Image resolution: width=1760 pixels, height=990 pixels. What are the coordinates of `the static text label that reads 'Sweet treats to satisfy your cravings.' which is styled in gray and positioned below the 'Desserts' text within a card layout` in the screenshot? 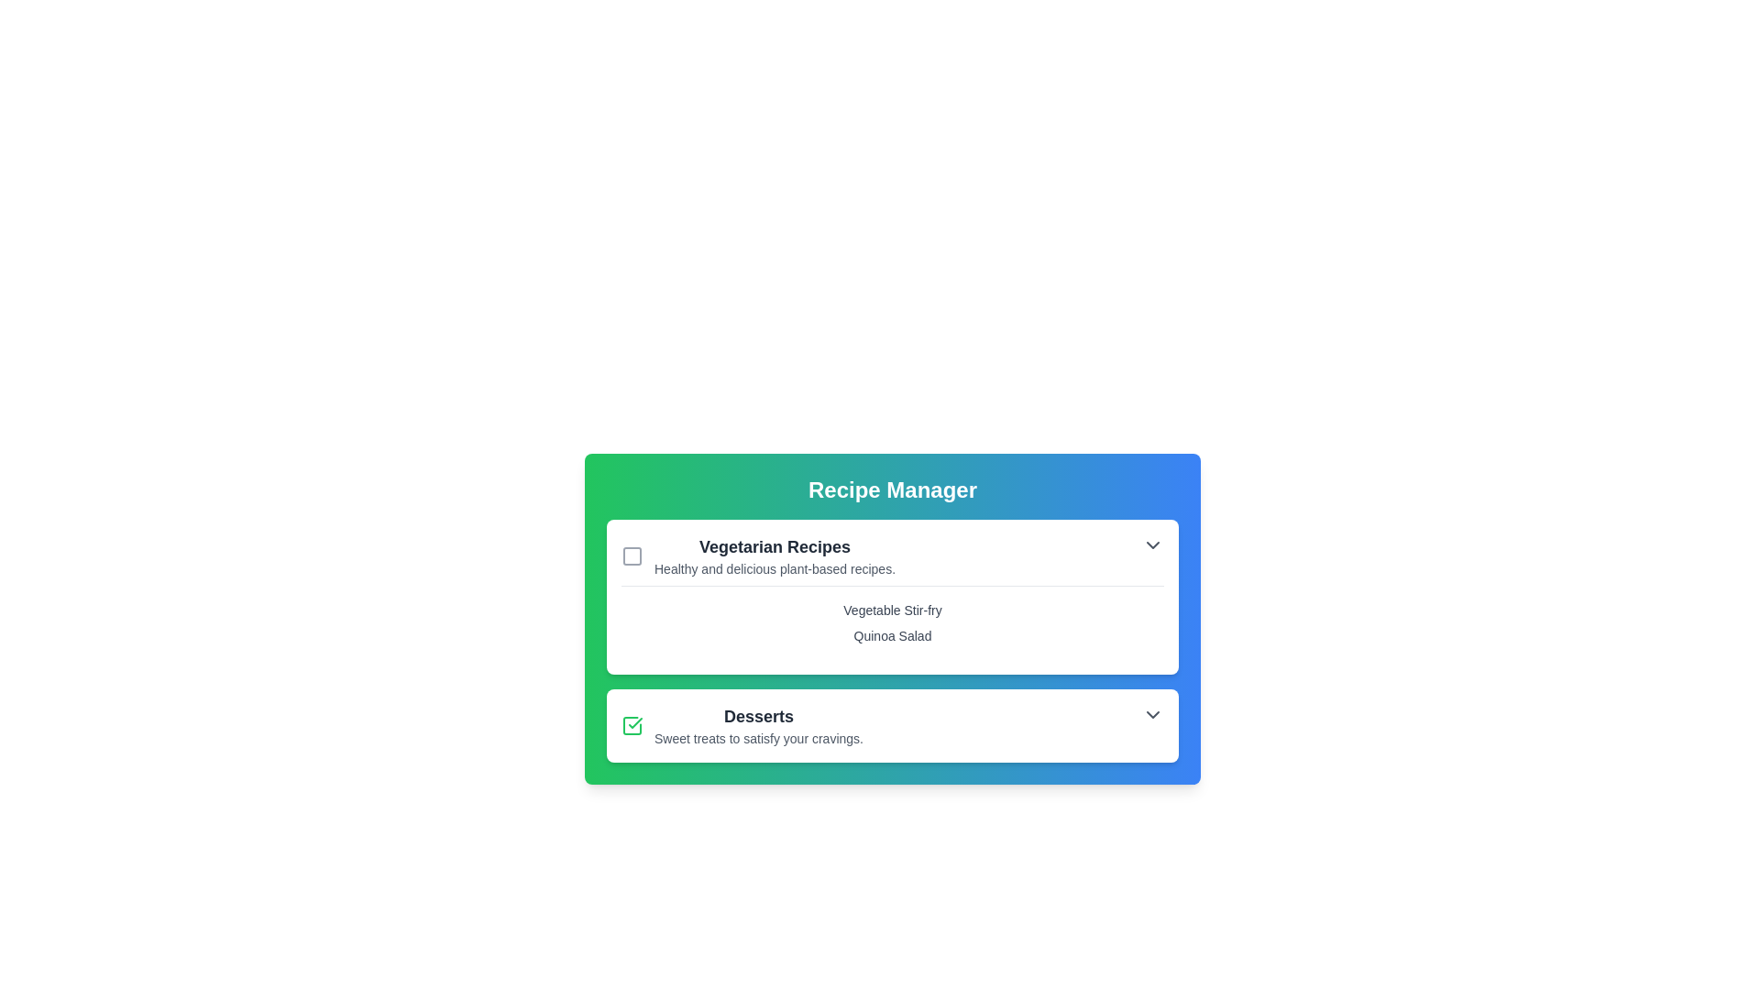 It's located at (758, 738).